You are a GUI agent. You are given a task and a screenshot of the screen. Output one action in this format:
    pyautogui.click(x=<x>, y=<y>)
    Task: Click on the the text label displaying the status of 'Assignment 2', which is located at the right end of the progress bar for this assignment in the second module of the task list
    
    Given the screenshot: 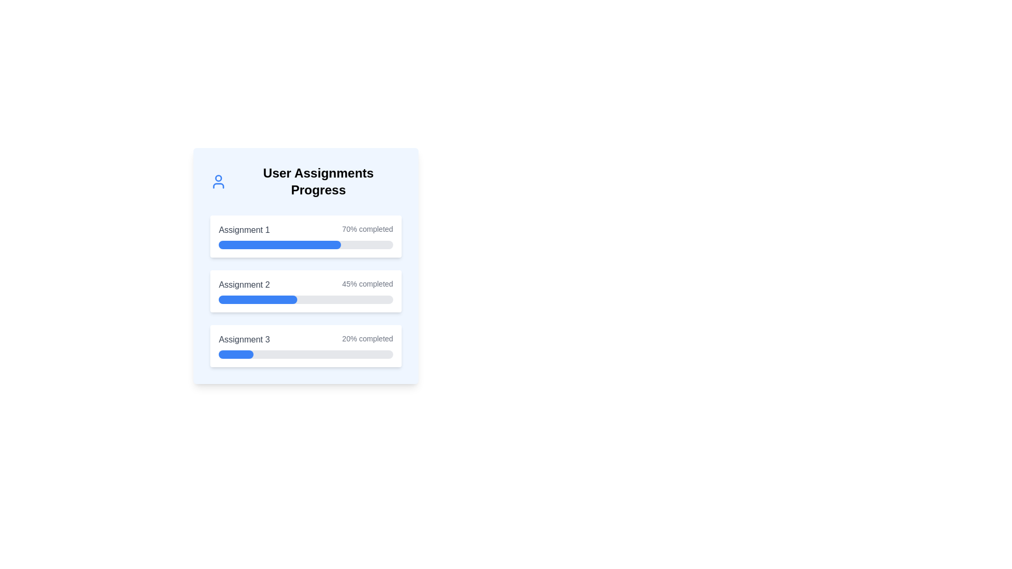 What is the action you would take?
    pyautogui.click(x=367, y=284)
    